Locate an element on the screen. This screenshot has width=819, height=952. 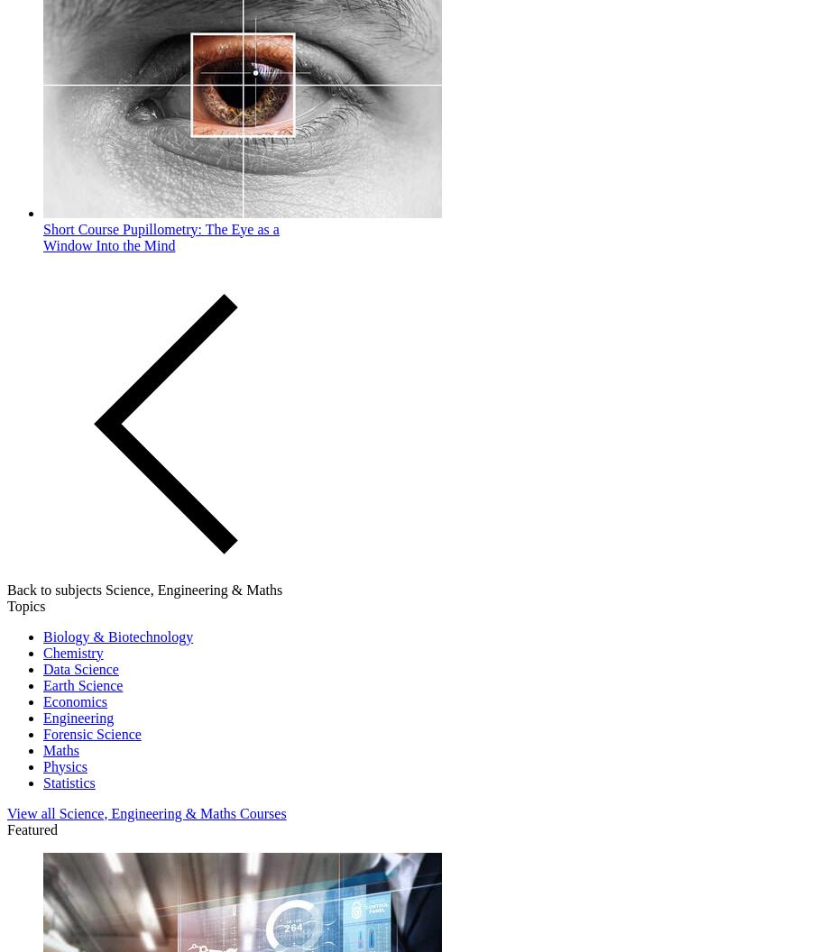
'Earth Science' is located at coordinates (81, 683).